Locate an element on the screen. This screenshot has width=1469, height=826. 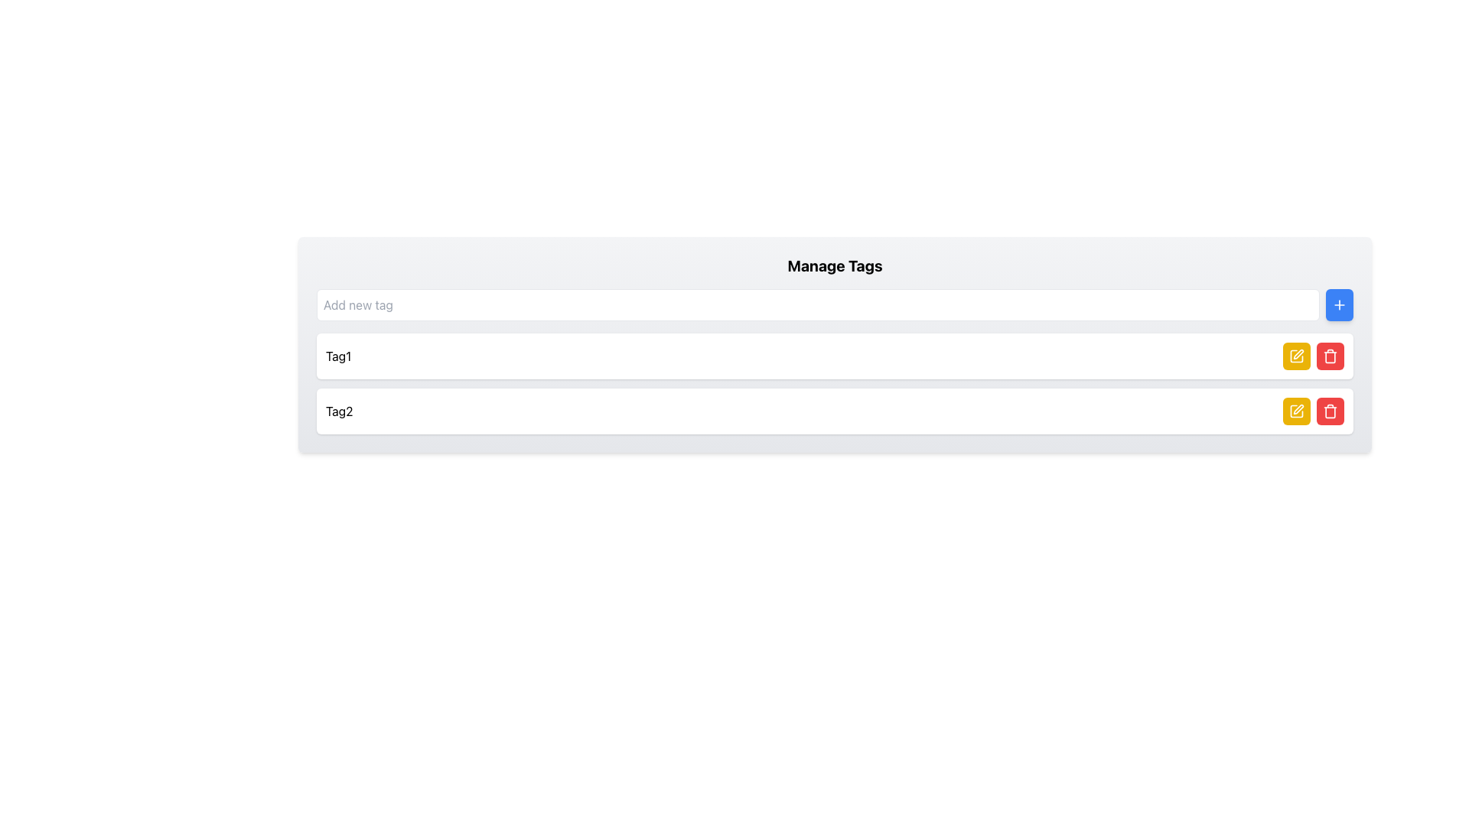
the small rectangular button with a yellow background and white pen-like icon located beside the 'Tag2' label in the second row of the interface to observe a visual change is located at coordinates (1295, 356).